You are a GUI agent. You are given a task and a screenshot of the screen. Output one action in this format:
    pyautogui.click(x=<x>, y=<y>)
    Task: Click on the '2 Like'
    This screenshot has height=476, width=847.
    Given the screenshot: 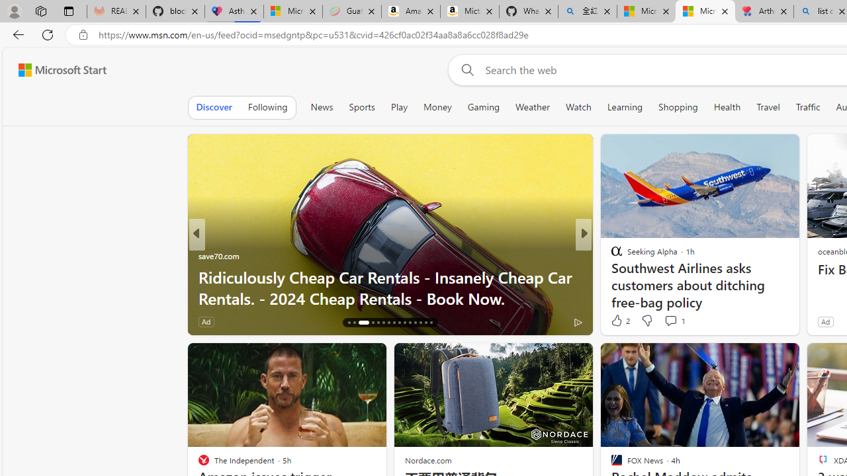 What is the action you would take?
    pyautogui.click(x=619, y=320)
    